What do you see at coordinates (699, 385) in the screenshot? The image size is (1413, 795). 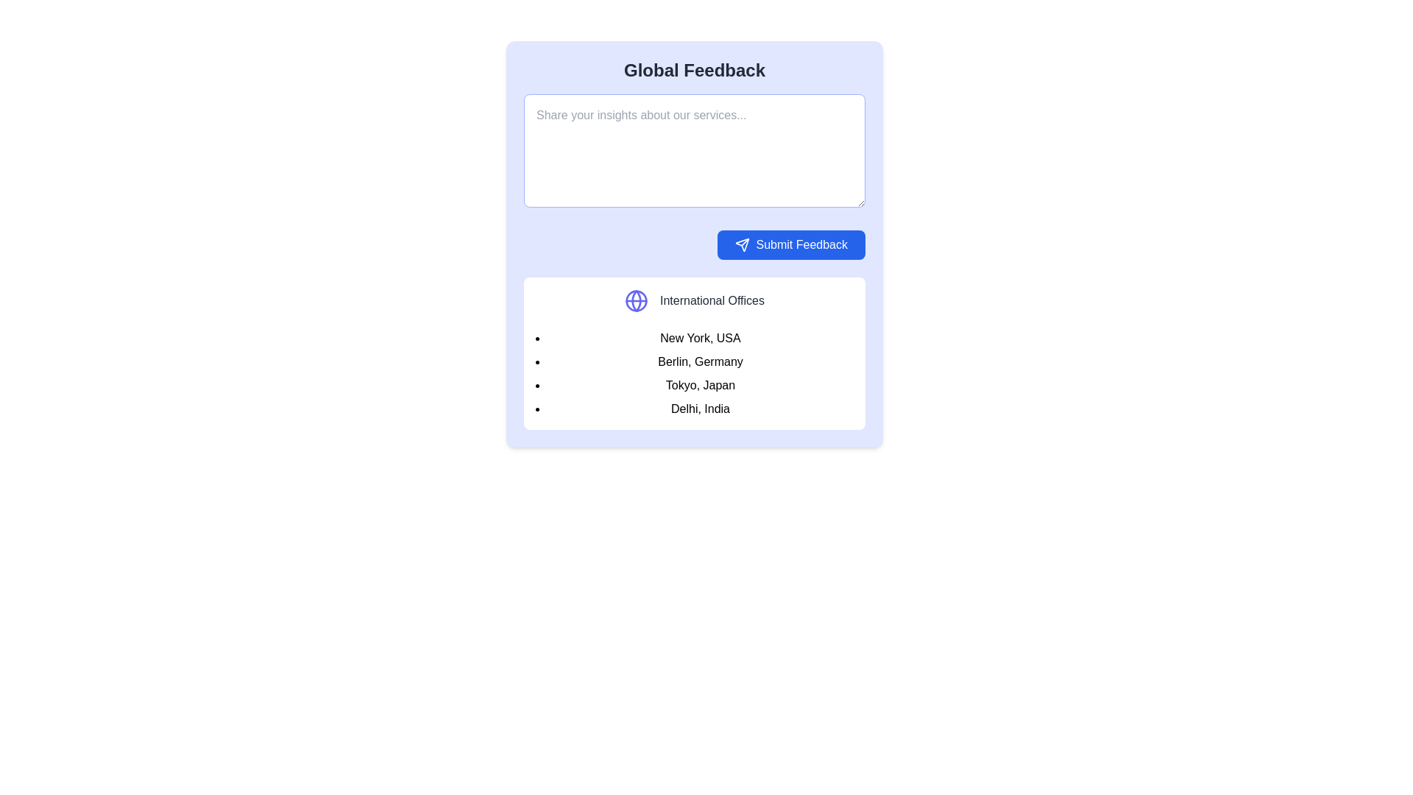 I see `the Text label that indicates 'Tokyo, Japan', which is the third item in a vertical list of locations under 'International Offices'` at bounding box center [699, 385].